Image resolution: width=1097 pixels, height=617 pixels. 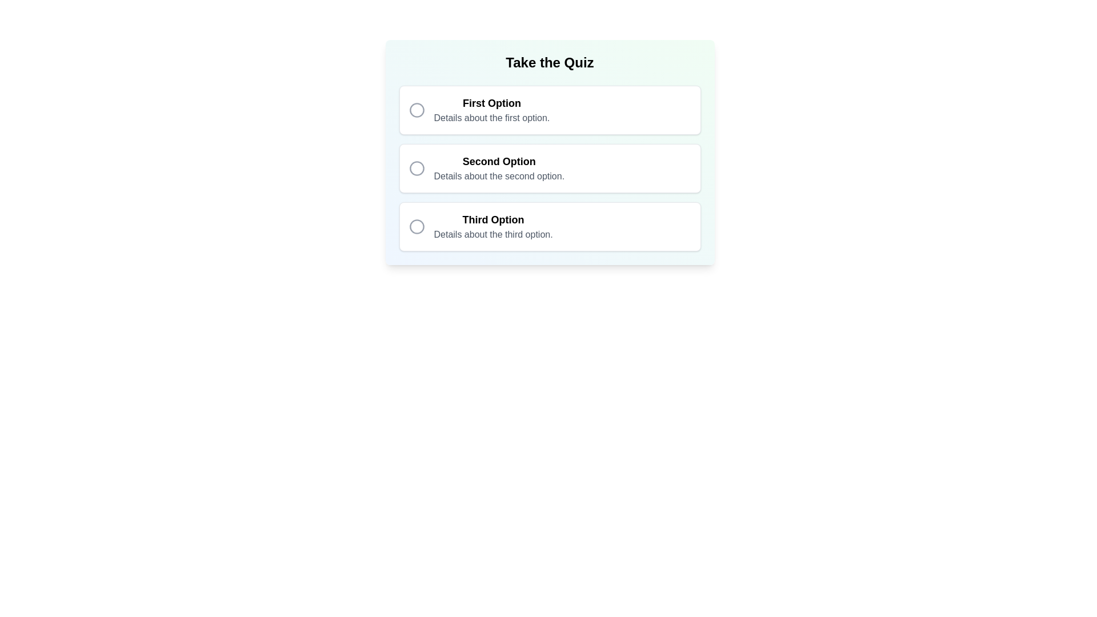 What do you see at coordinates (416, 168) in the screenshot?
I see `the circle icon with a muted gray tone that represents the first graphical component of the second selectable option preceding the text 'Second Option'` at bounding box center [416, 168].